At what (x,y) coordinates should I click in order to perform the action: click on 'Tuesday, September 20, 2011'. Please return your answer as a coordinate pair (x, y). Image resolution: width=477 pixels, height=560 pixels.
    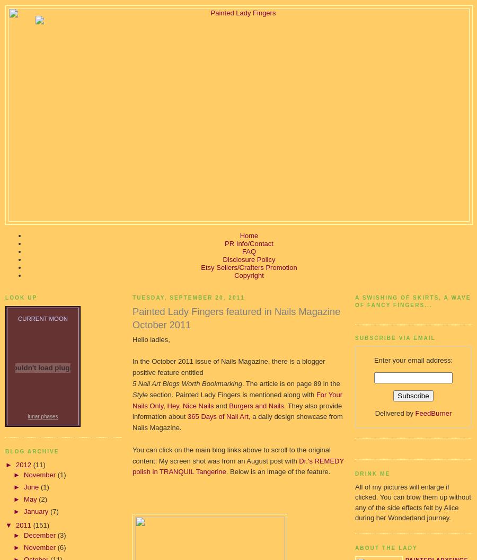
    Looking at the image, I should click on (188, 297).